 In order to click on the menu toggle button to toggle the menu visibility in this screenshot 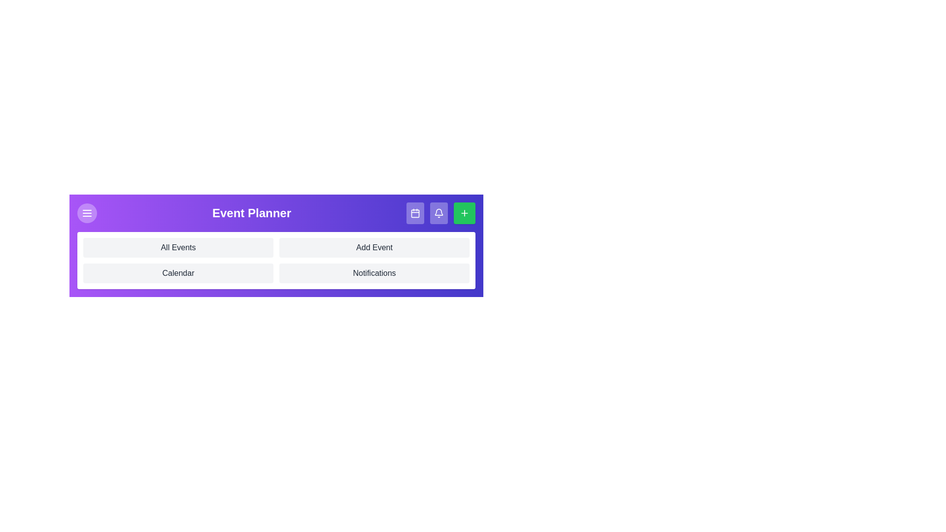, I will do `click(87, 212)`.